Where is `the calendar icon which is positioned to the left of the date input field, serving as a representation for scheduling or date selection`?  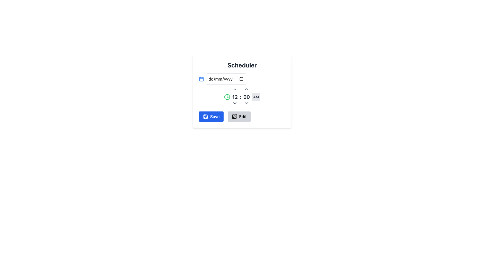
the calendar icon which is positioned to the left of the date input field, serving as a representation for scheduling or date selection is located at coordinates (201, 79).